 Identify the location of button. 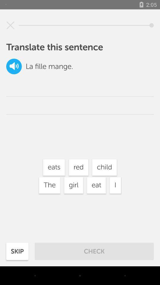
(10, 25).